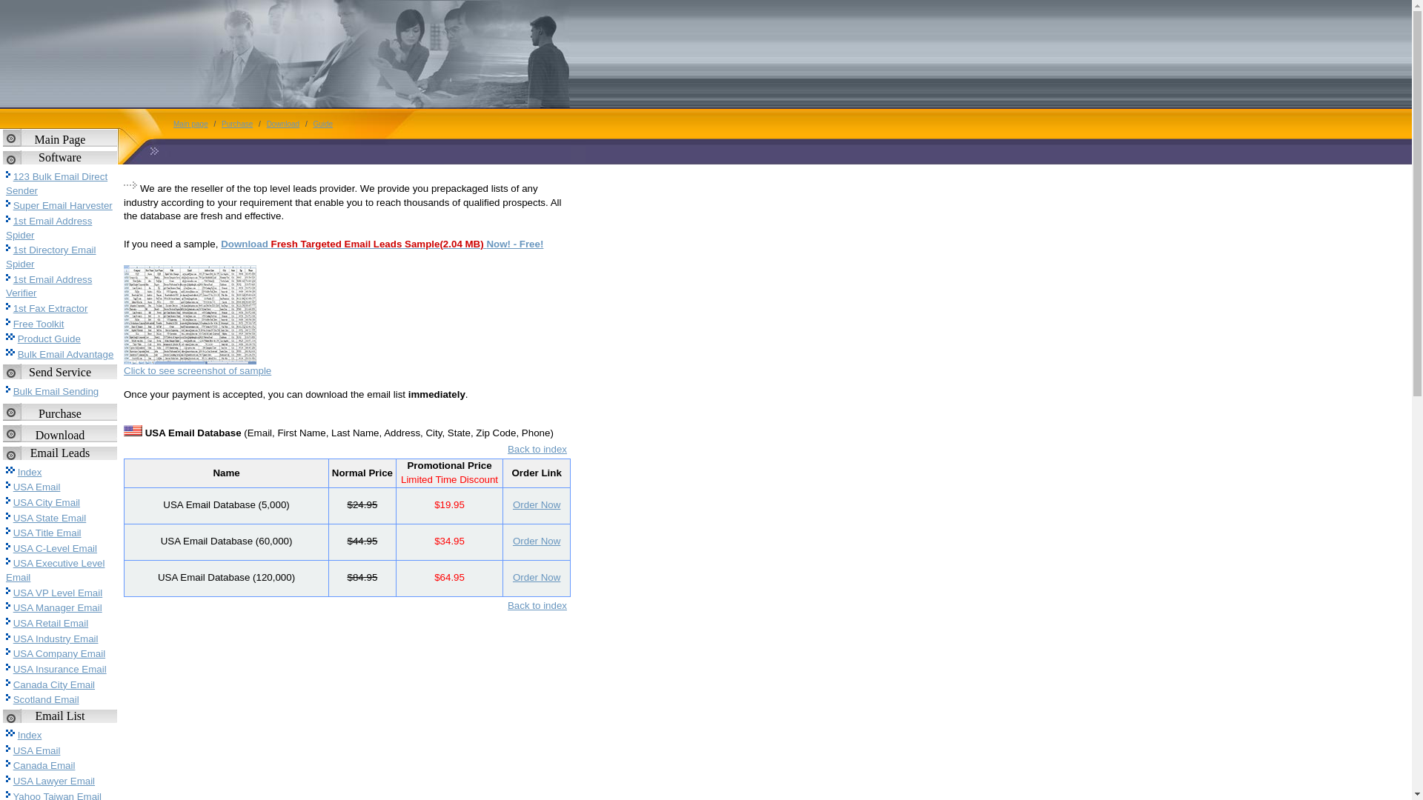  Describe the element at coordinates (39, 323) in the screenshot. I see `'Free Toolkit'` at that location.